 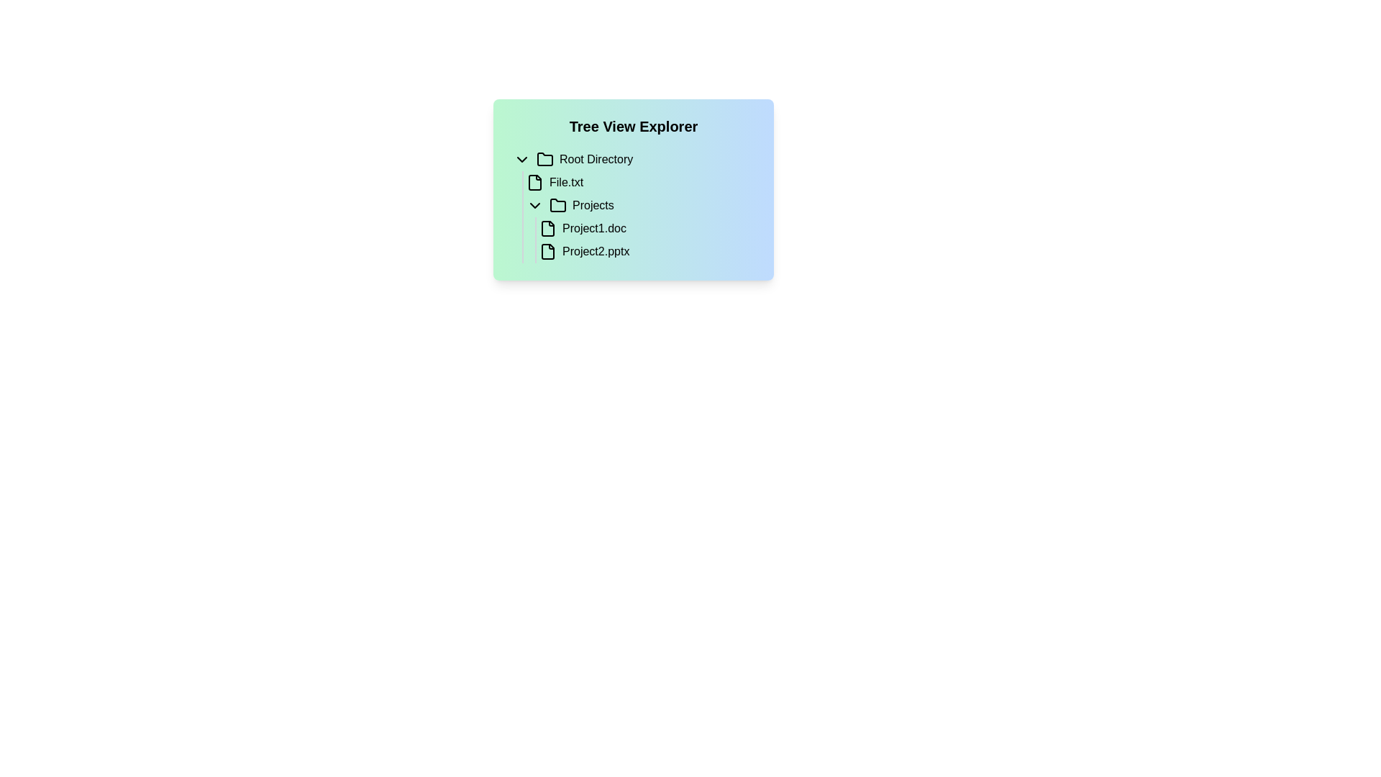 I want to click on the vertical list of file items under the 'Projects' directory, so click(x=644, y=240).